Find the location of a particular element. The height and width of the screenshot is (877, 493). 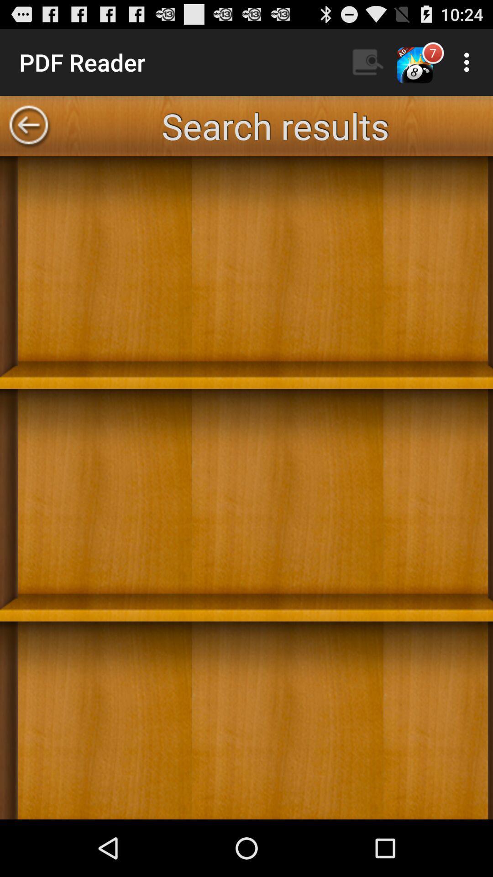

icon above the search results is located at coordinates (469, 62).